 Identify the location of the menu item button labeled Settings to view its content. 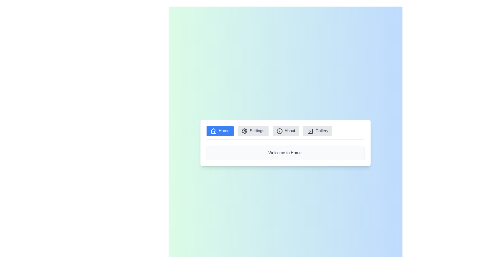
(253, 131).